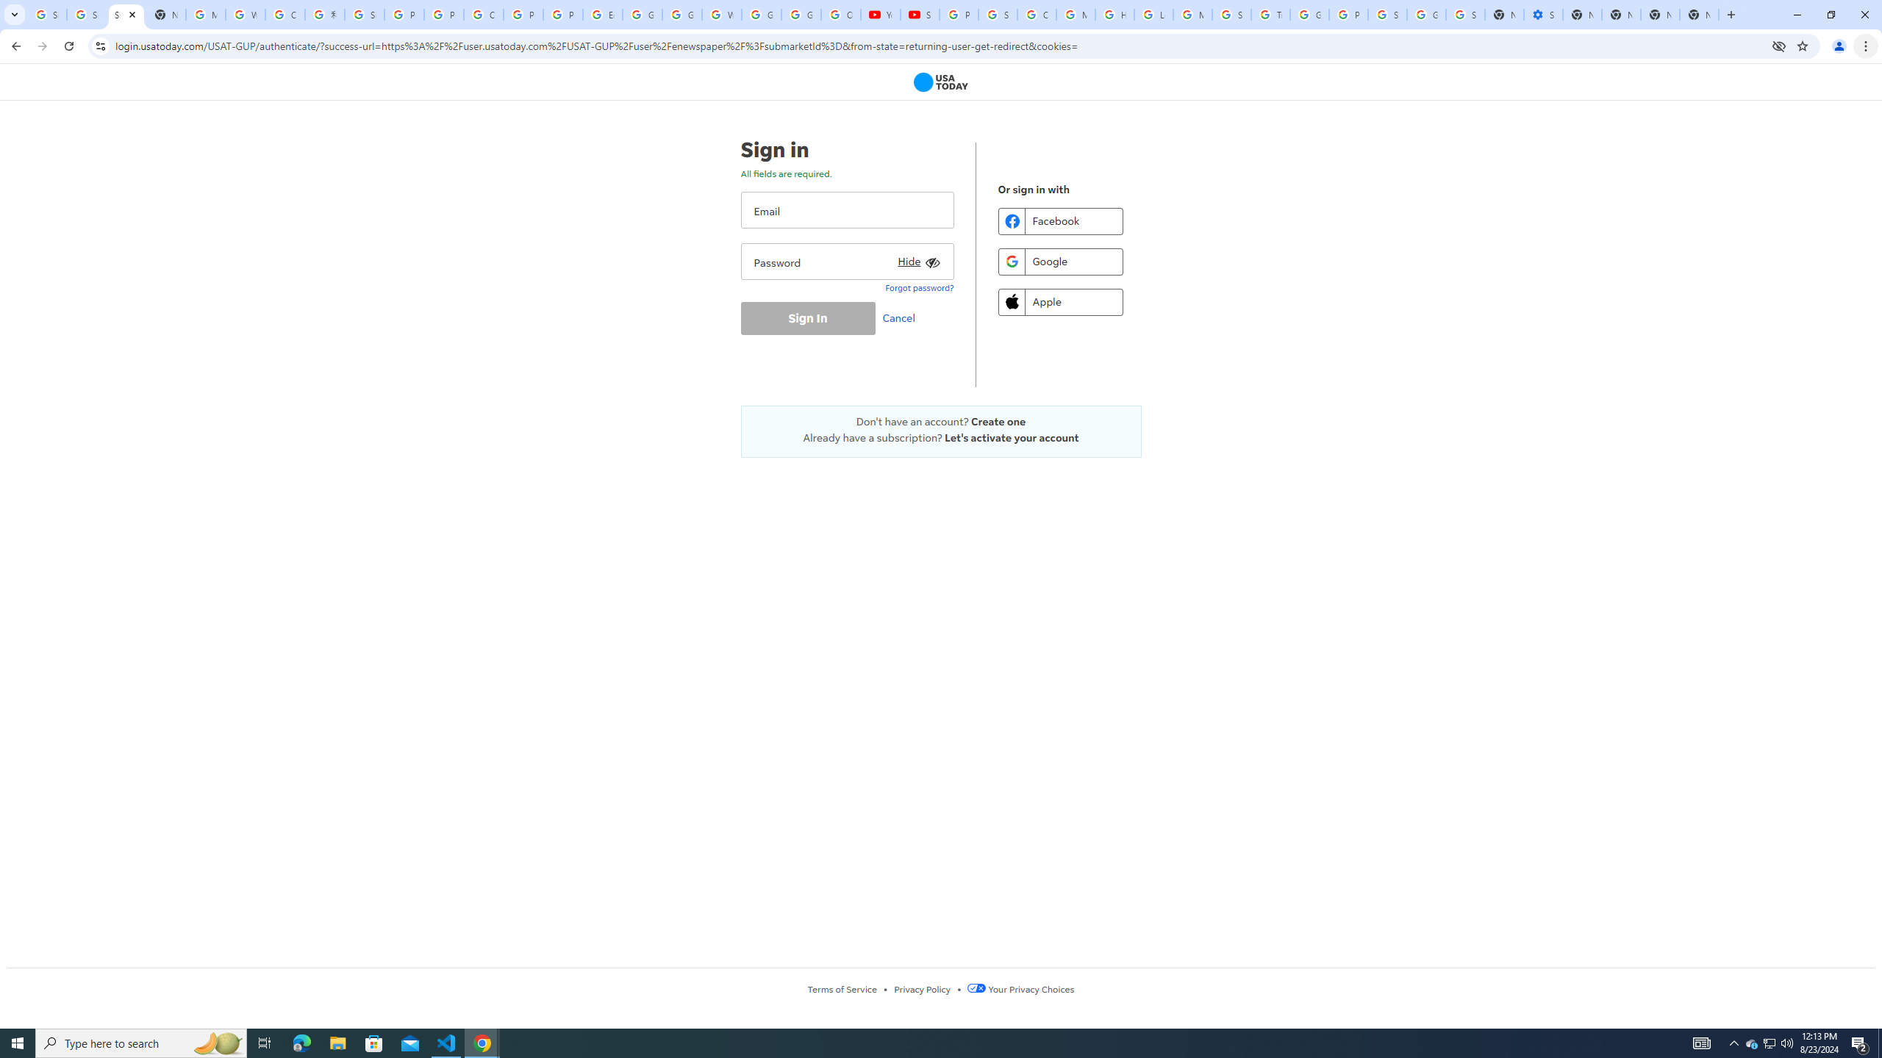 This screenshot has height=1058, width=1882. Describe the element at coordinates (1839, 46) in the screenshot. I see `'You'` at that location.